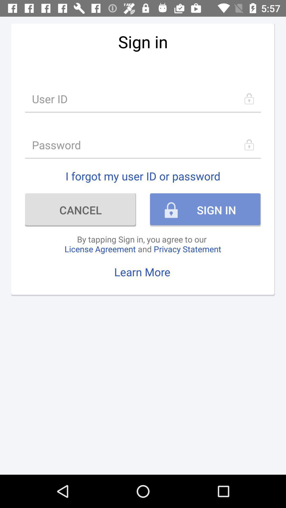 The width and height of the screenshot is (286, 508). Describe the element at coordinates (81, 210) in the screenshot. I see `the icon on the left` at that location.